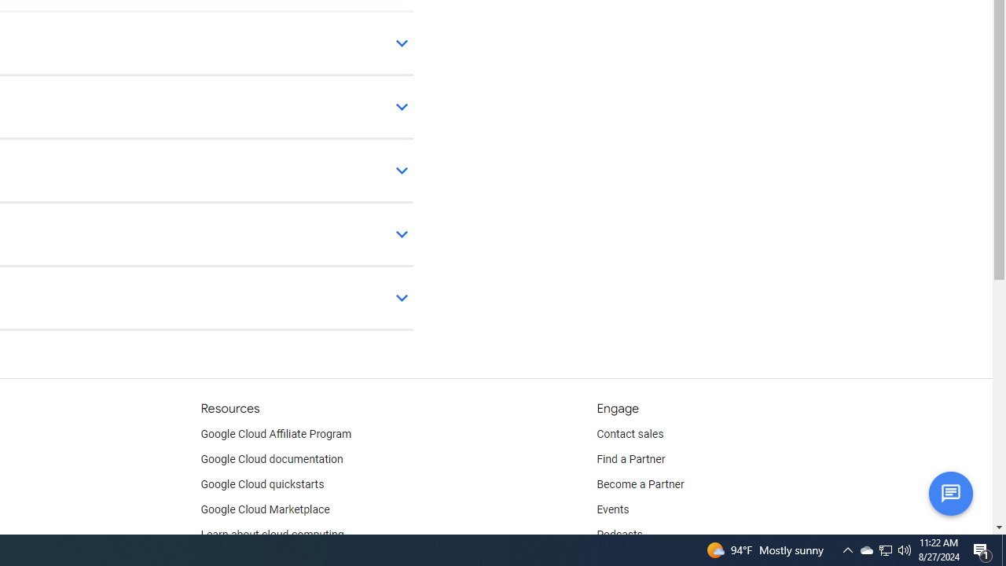  Describe the element at coordinates (619, 535) in the screenshot. I see `'Podcasts'` at that location.